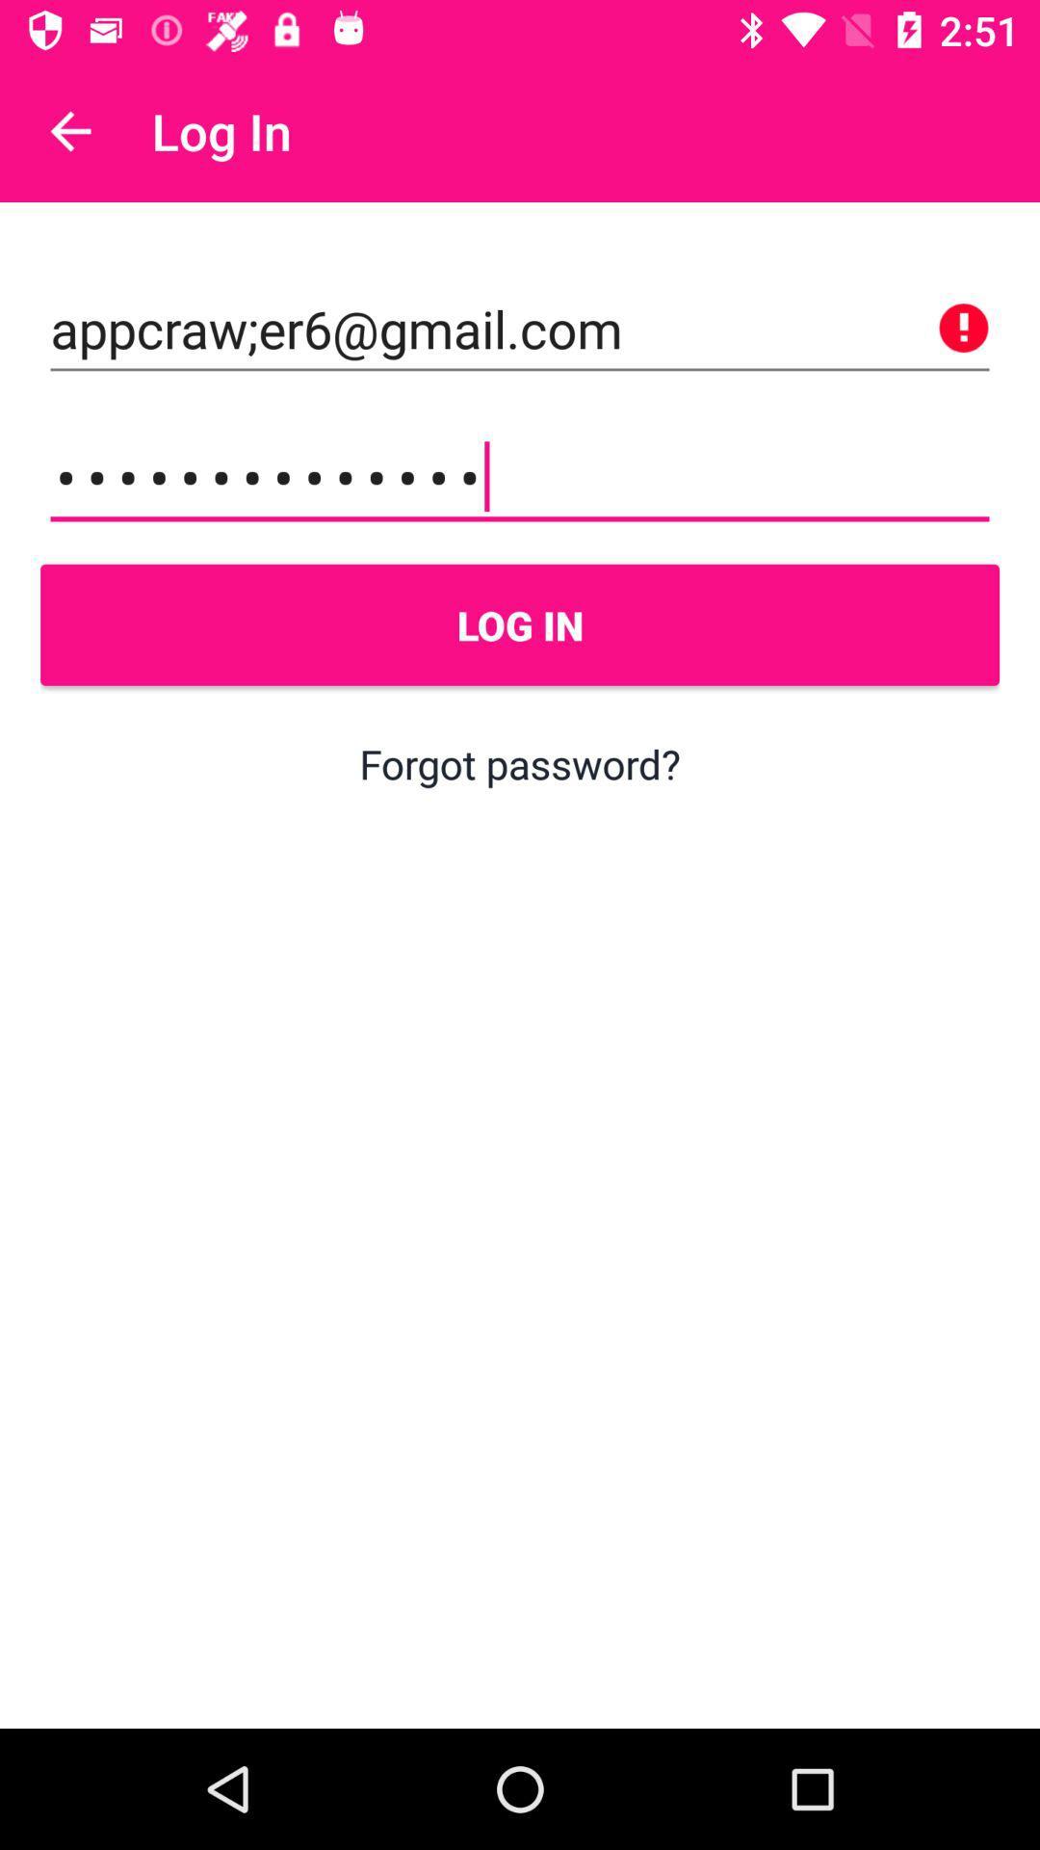 This screenshot has width=1040, height=1850. Describe the element at coordinates (520, 329) in the screenshot. I see `the item above appcrawler3116` at that location.